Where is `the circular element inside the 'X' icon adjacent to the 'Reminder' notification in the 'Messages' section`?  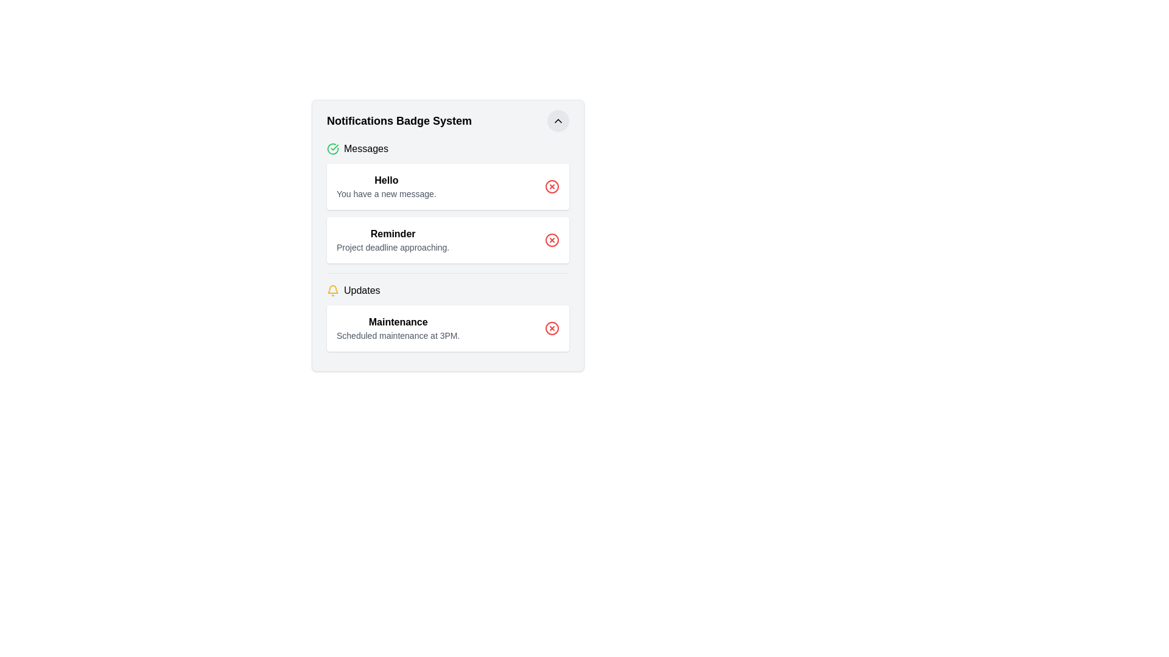 the circular element inside the 'X' icon adjacent to the 'Reminder' notification in the 'Messages' section is located at coordinates (552, 240).